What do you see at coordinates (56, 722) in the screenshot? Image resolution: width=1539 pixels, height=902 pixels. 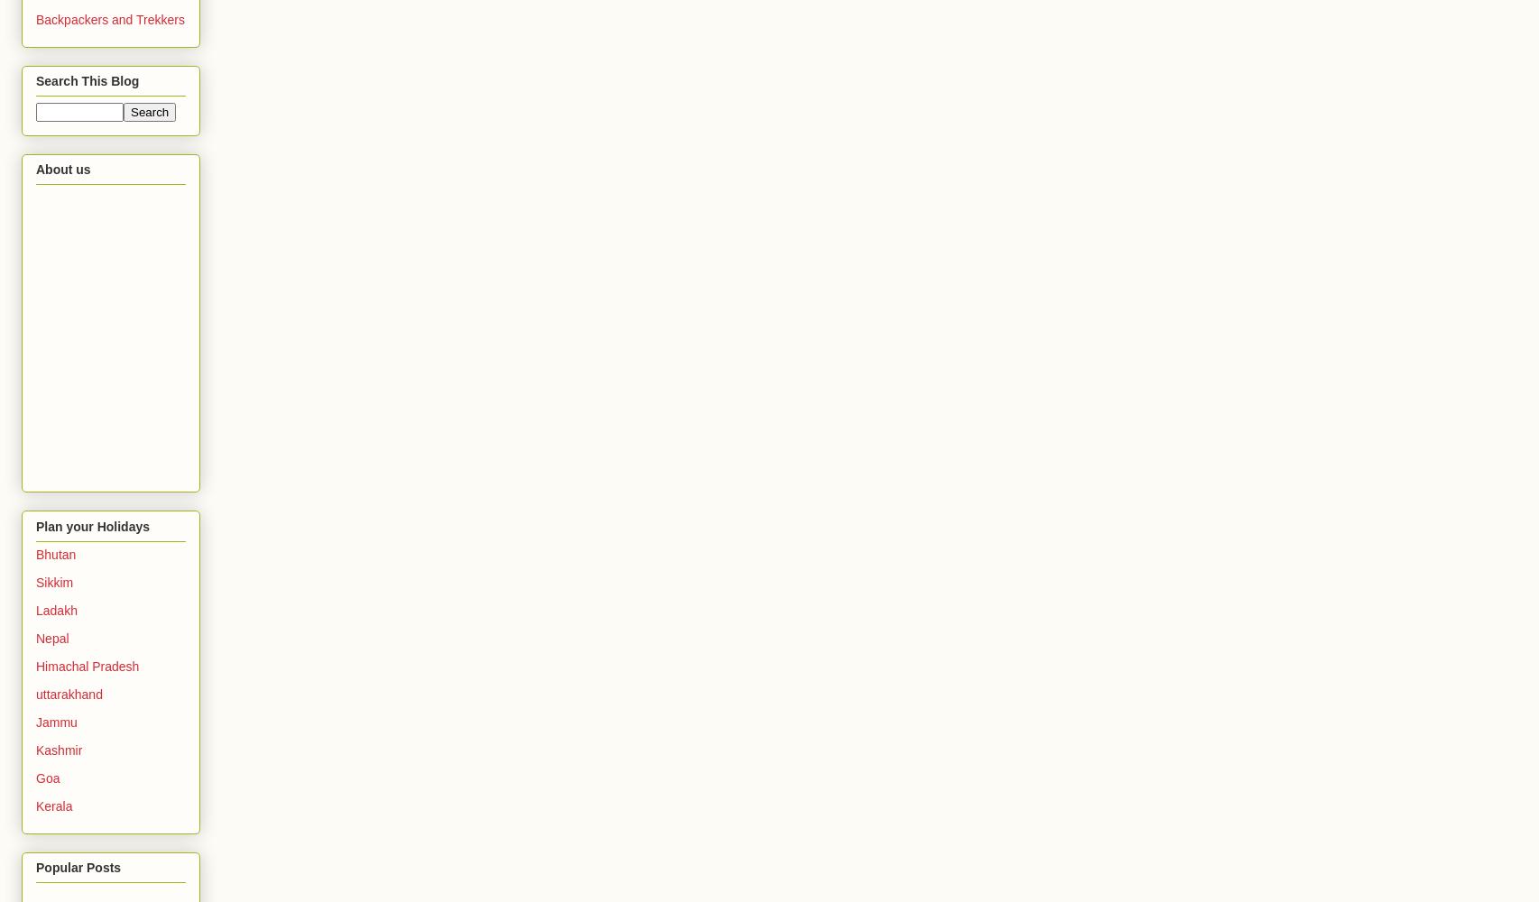 I see `'Jammu'` at bounding box center [56, 722].